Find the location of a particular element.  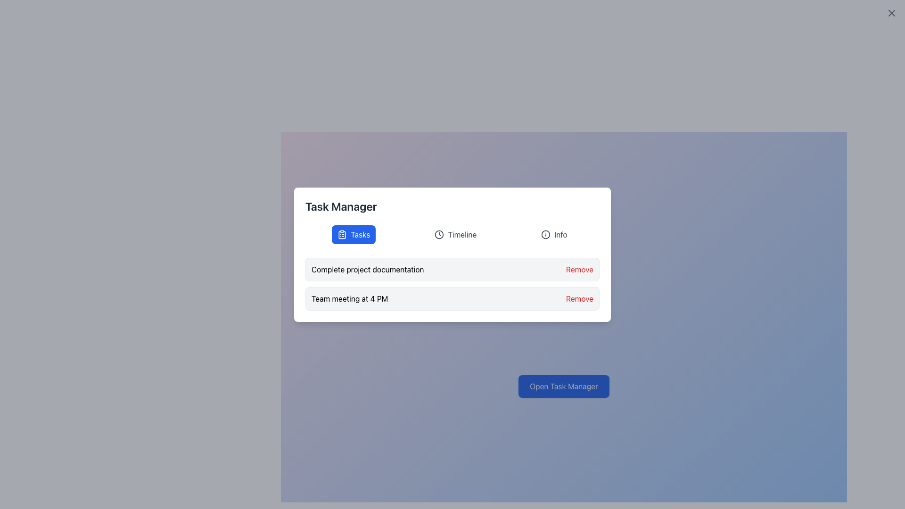

the central 'Timeline' tab of the Navigation bar beneath the 'Task Manager' is located at coordinates (452, 237).